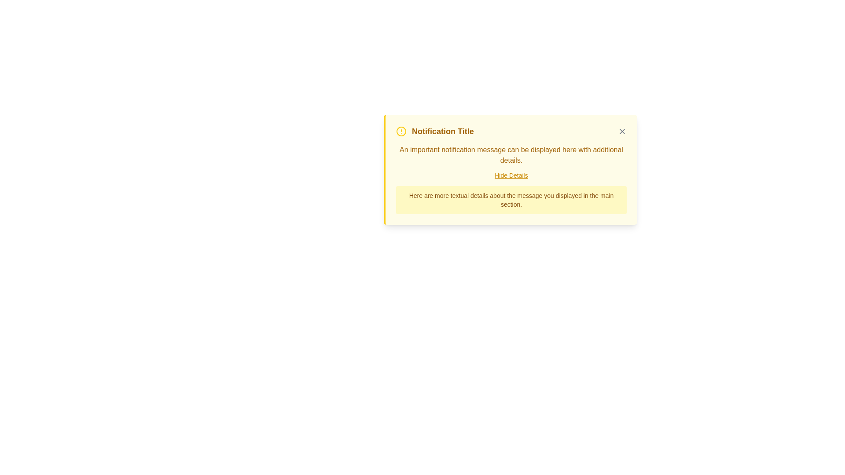 The height and width of the screenshot is (475, 845). I want to click on the Text header of the notification to highlight its context, so click(511, 132).